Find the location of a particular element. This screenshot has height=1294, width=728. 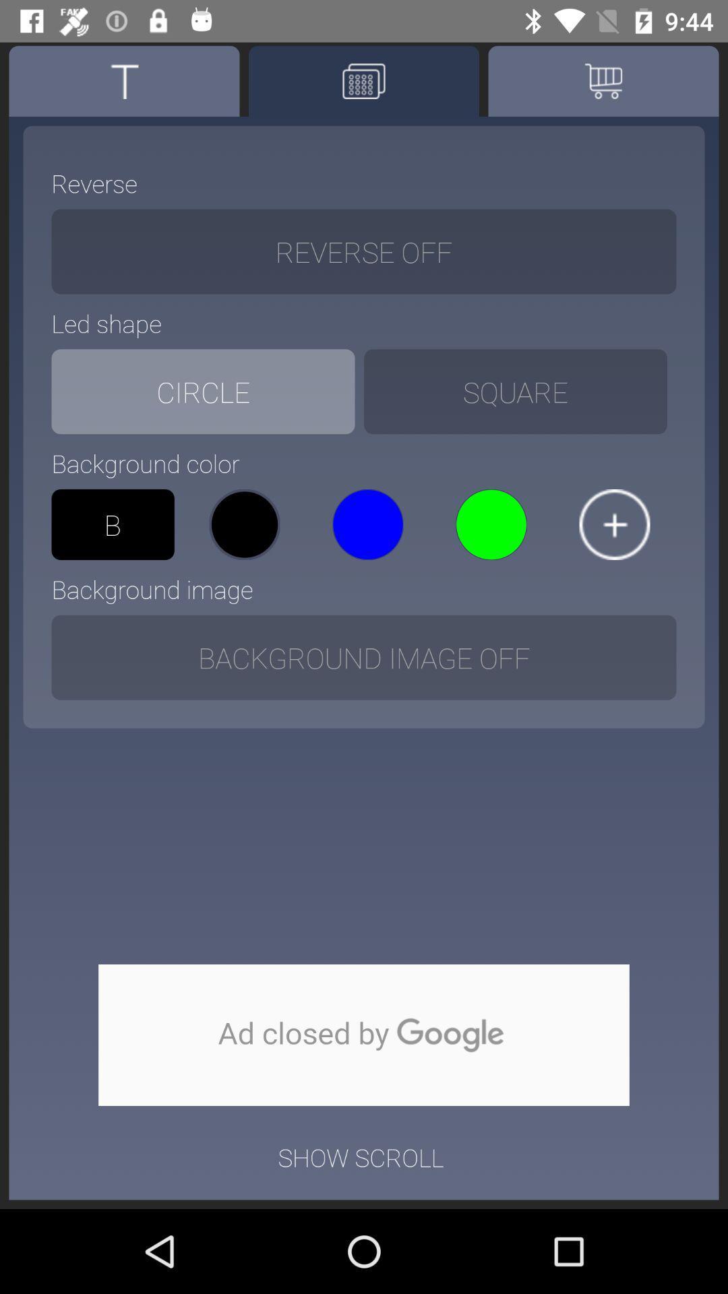

choose the shopping option is located at coordinates (603, 80).